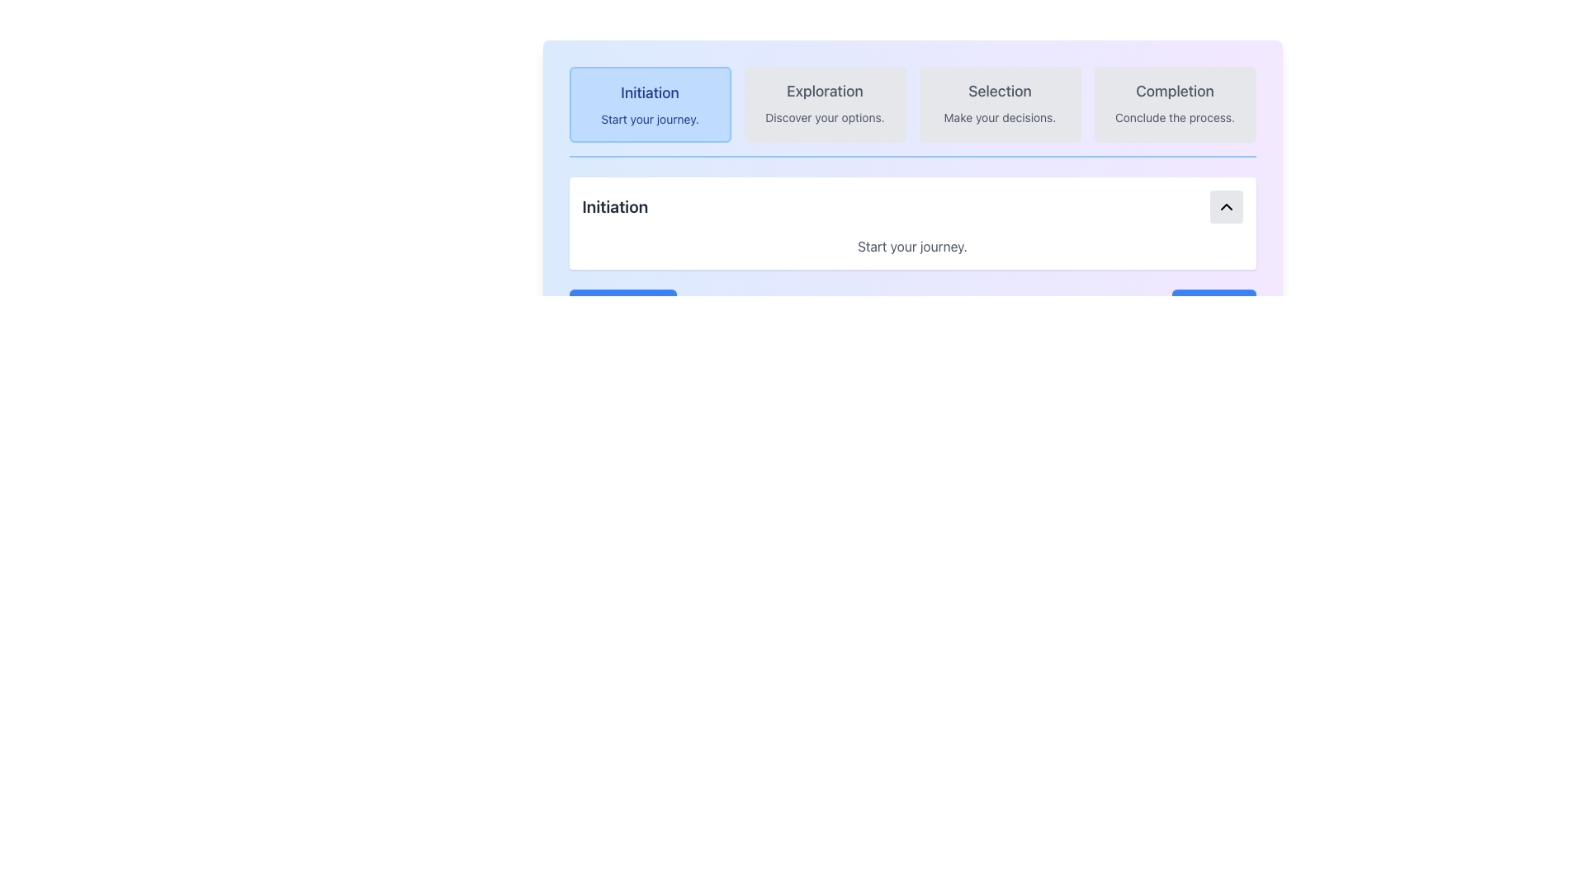 Image resolution: width=1585 pixels, height=891 pixels. I want to click on the Static Text that reads 'Conclude the process.' which is styled in gray color and located beneath the larger 'Completion' text, so click(1174, 116).